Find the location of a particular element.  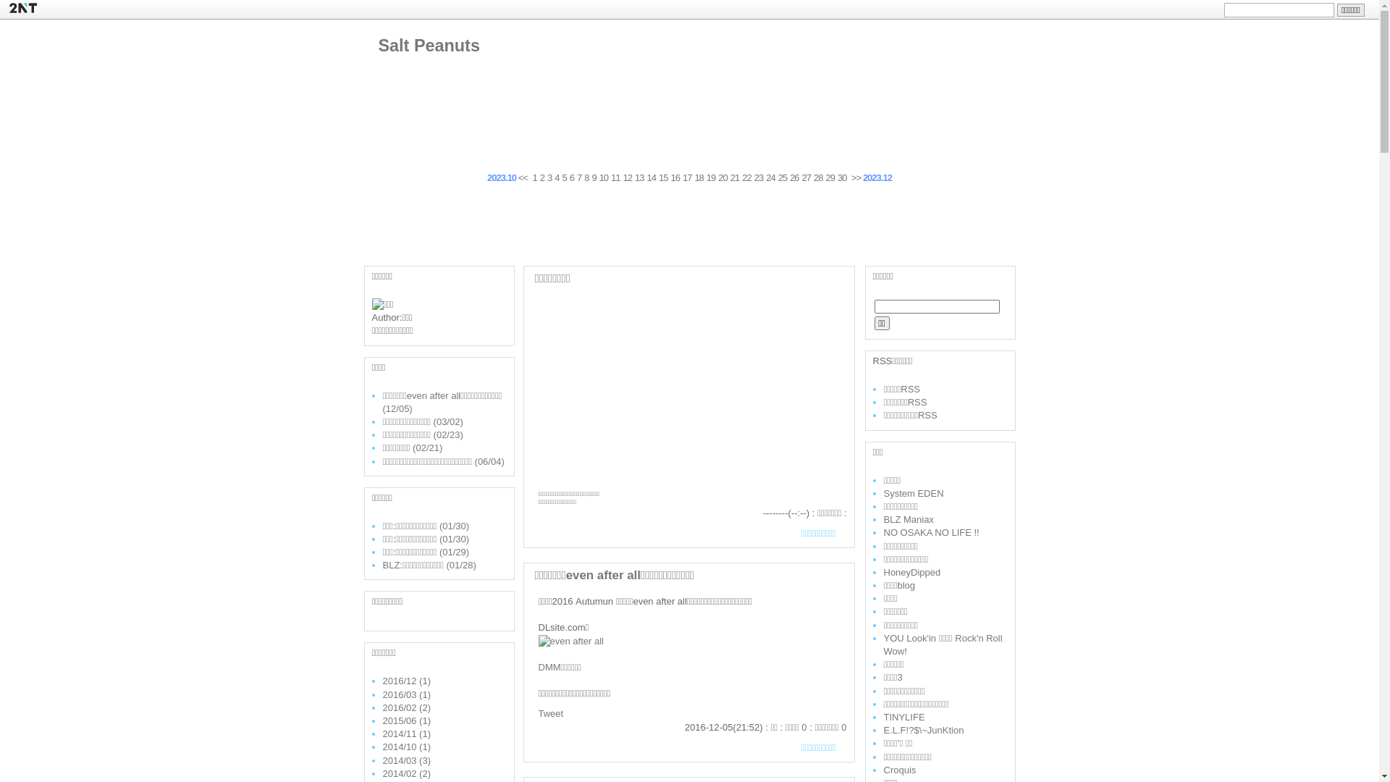

'2016/03 (1)' is located at coordinates (382, 694).